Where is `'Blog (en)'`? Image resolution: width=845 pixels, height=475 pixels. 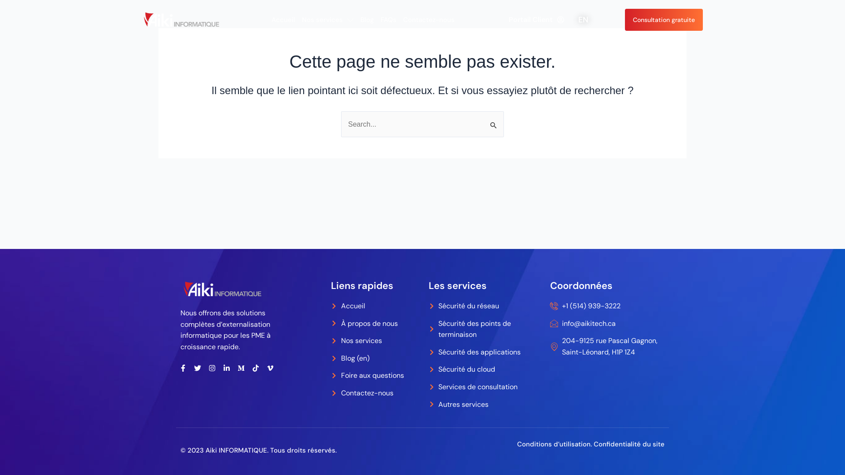
'Blog (en)' is located at coordinates (331, 358).